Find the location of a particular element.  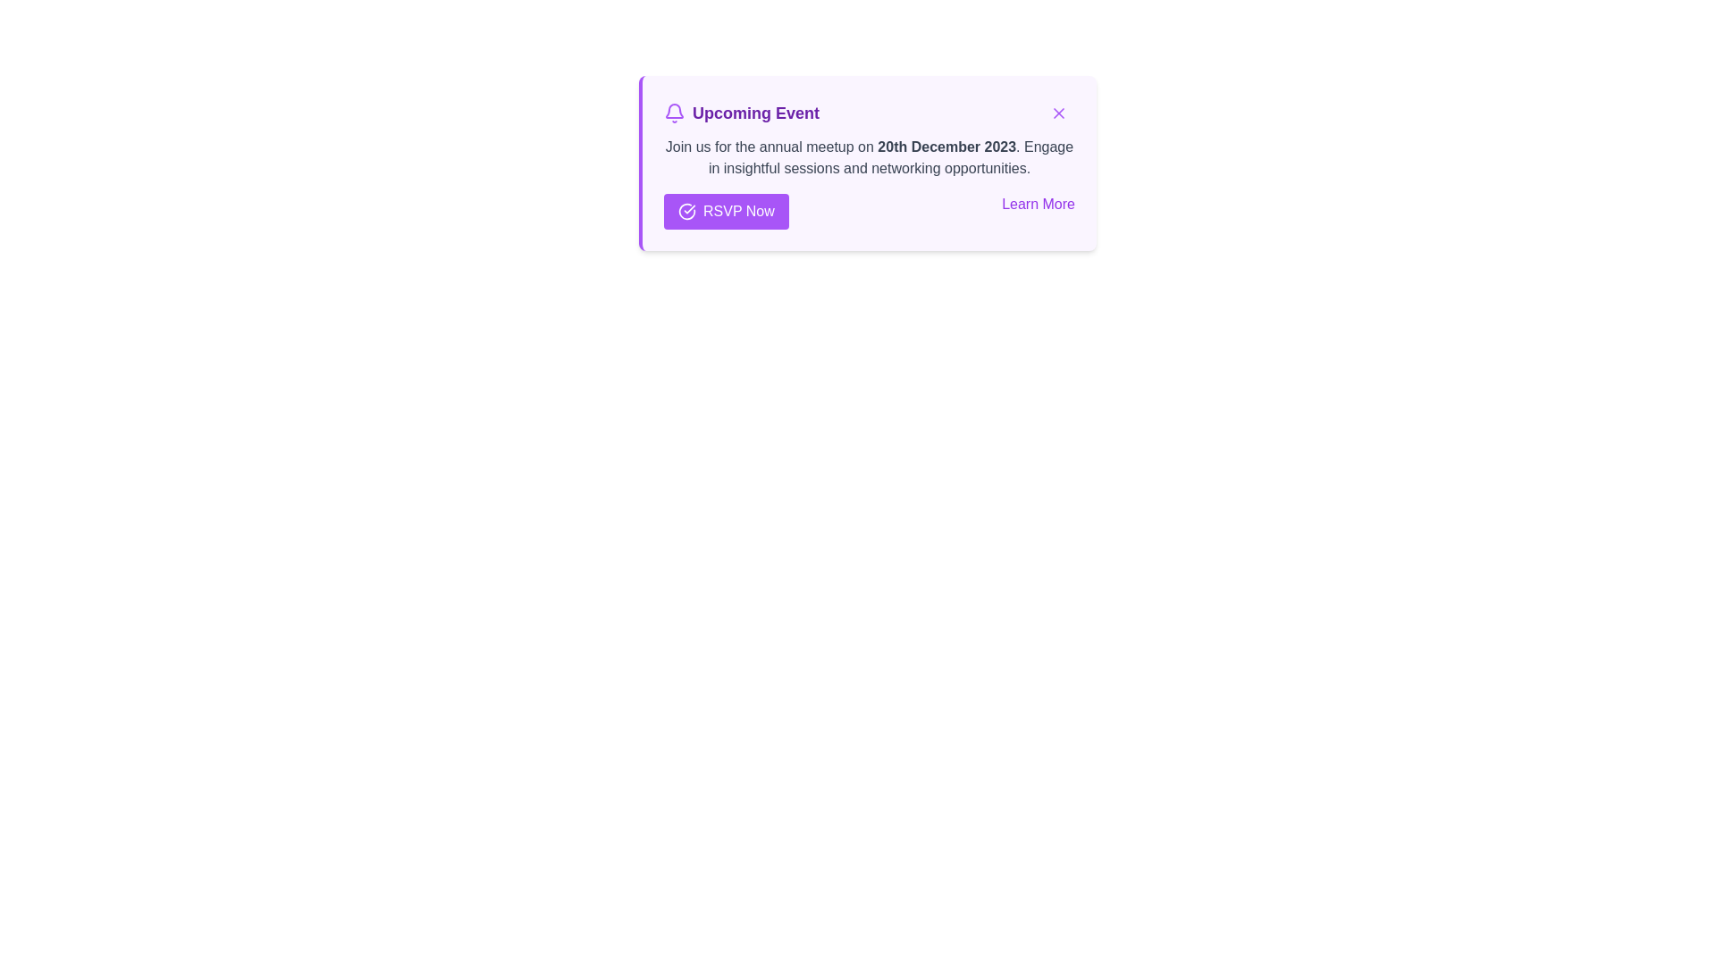

the 'X' icon in the top-right corner of the notification card is located at coordinates (1059, 113).